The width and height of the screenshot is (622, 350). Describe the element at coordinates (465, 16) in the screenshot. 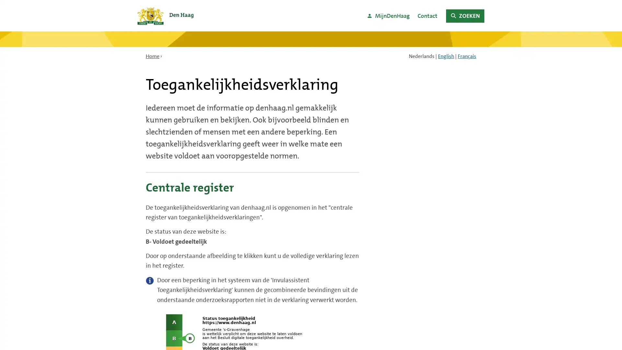

I see `ZOEKEN` at that location.